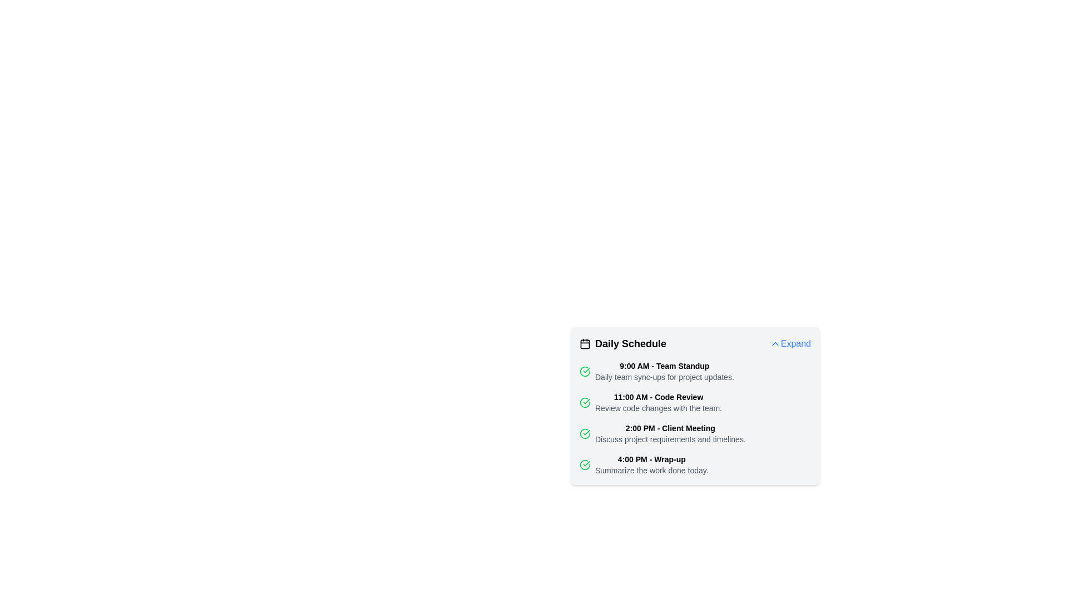 The width and height of the screenshot is (1068, 600). What do you see at coordinates (659, 396) in the screenshot?
I see `the text label that denotes a scheduled event time and its title, positioned as the second entry in the daily schedule, located between '9:00 AM - Team Standup' and '2:00 PM - Client Meeting'` at bounding box center [659, 396].